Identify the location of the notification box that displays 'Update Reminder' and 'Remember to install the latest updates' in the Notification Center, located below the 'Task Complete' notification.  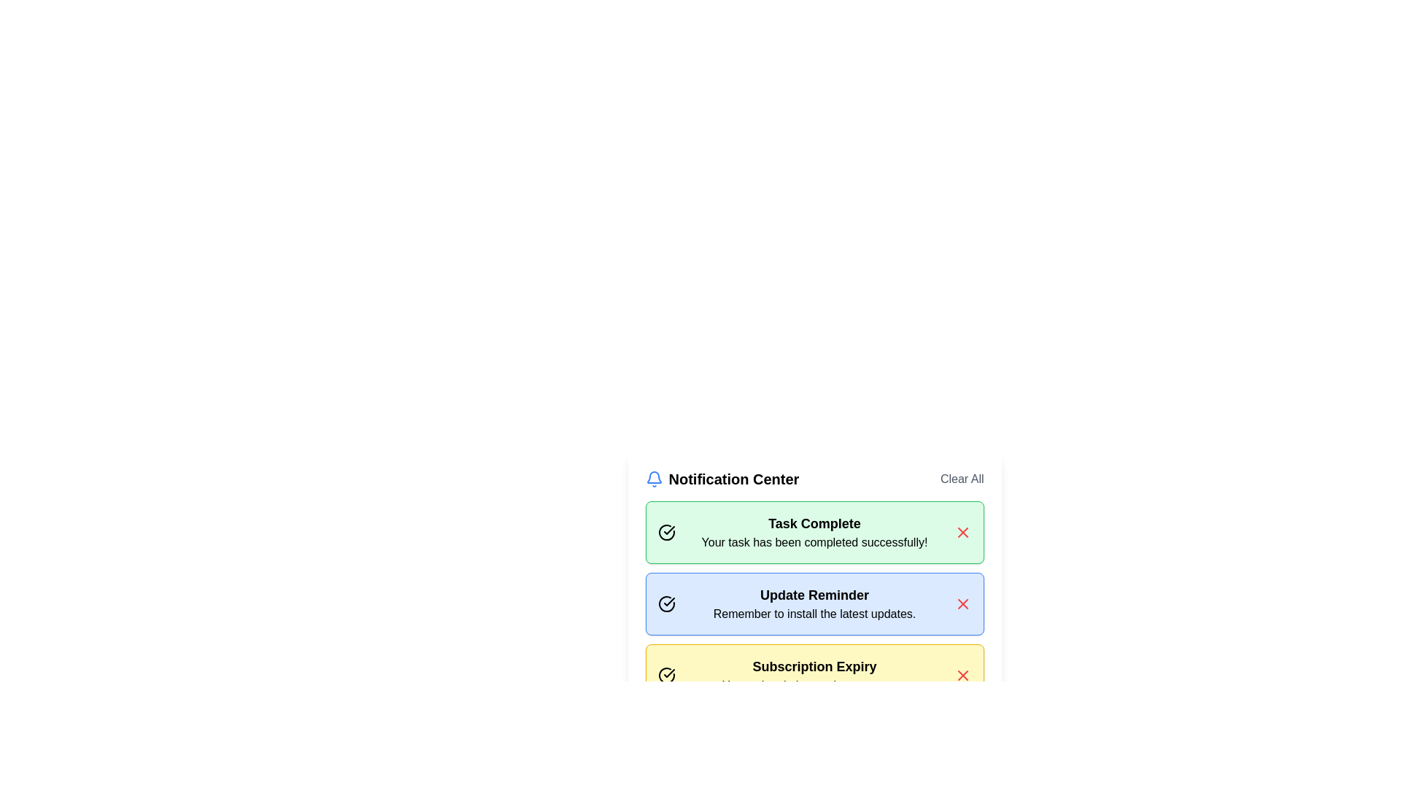
(814, 604).